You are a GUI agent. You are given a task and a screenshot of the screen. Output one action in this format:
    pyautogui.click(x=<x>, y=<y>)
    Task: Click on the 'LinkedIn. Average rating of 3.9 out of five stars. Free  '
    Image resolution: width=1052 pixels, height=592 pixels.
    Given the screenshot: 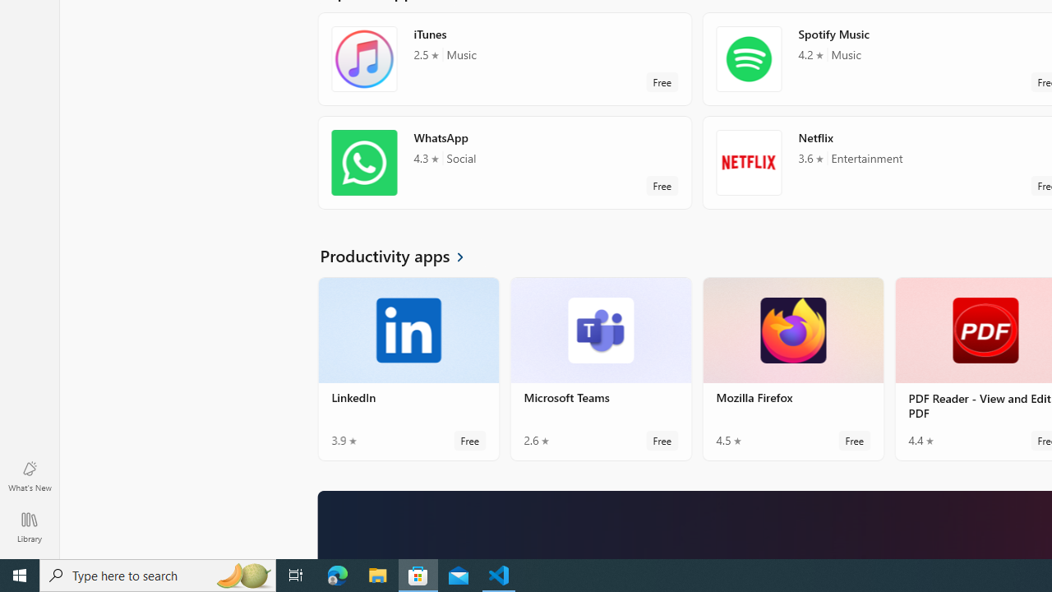 What is the action you would take?
    pyautogui.click(x=408, y=375)
    